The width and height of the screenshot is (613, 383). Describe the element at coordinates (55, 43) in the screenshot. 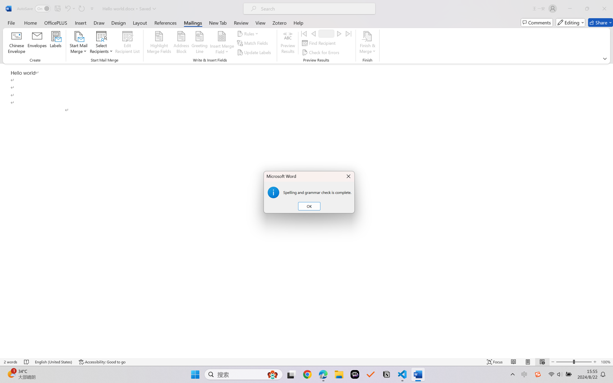

I see `'Labels...'` at that location.